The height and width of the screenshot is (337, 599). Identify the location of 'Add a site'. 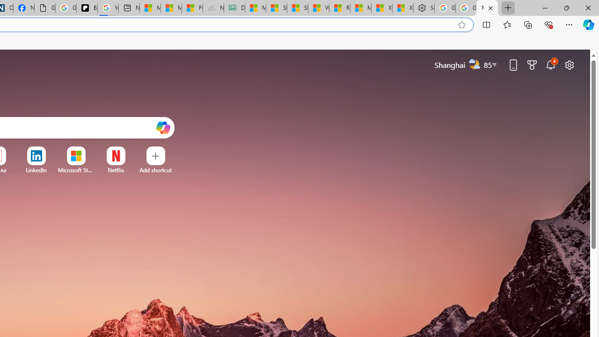
(155, 170).